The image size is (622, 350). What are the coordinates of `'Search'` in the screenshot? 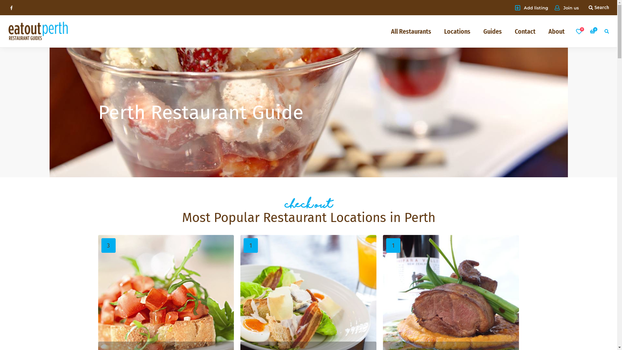 It's located at (598, 7).